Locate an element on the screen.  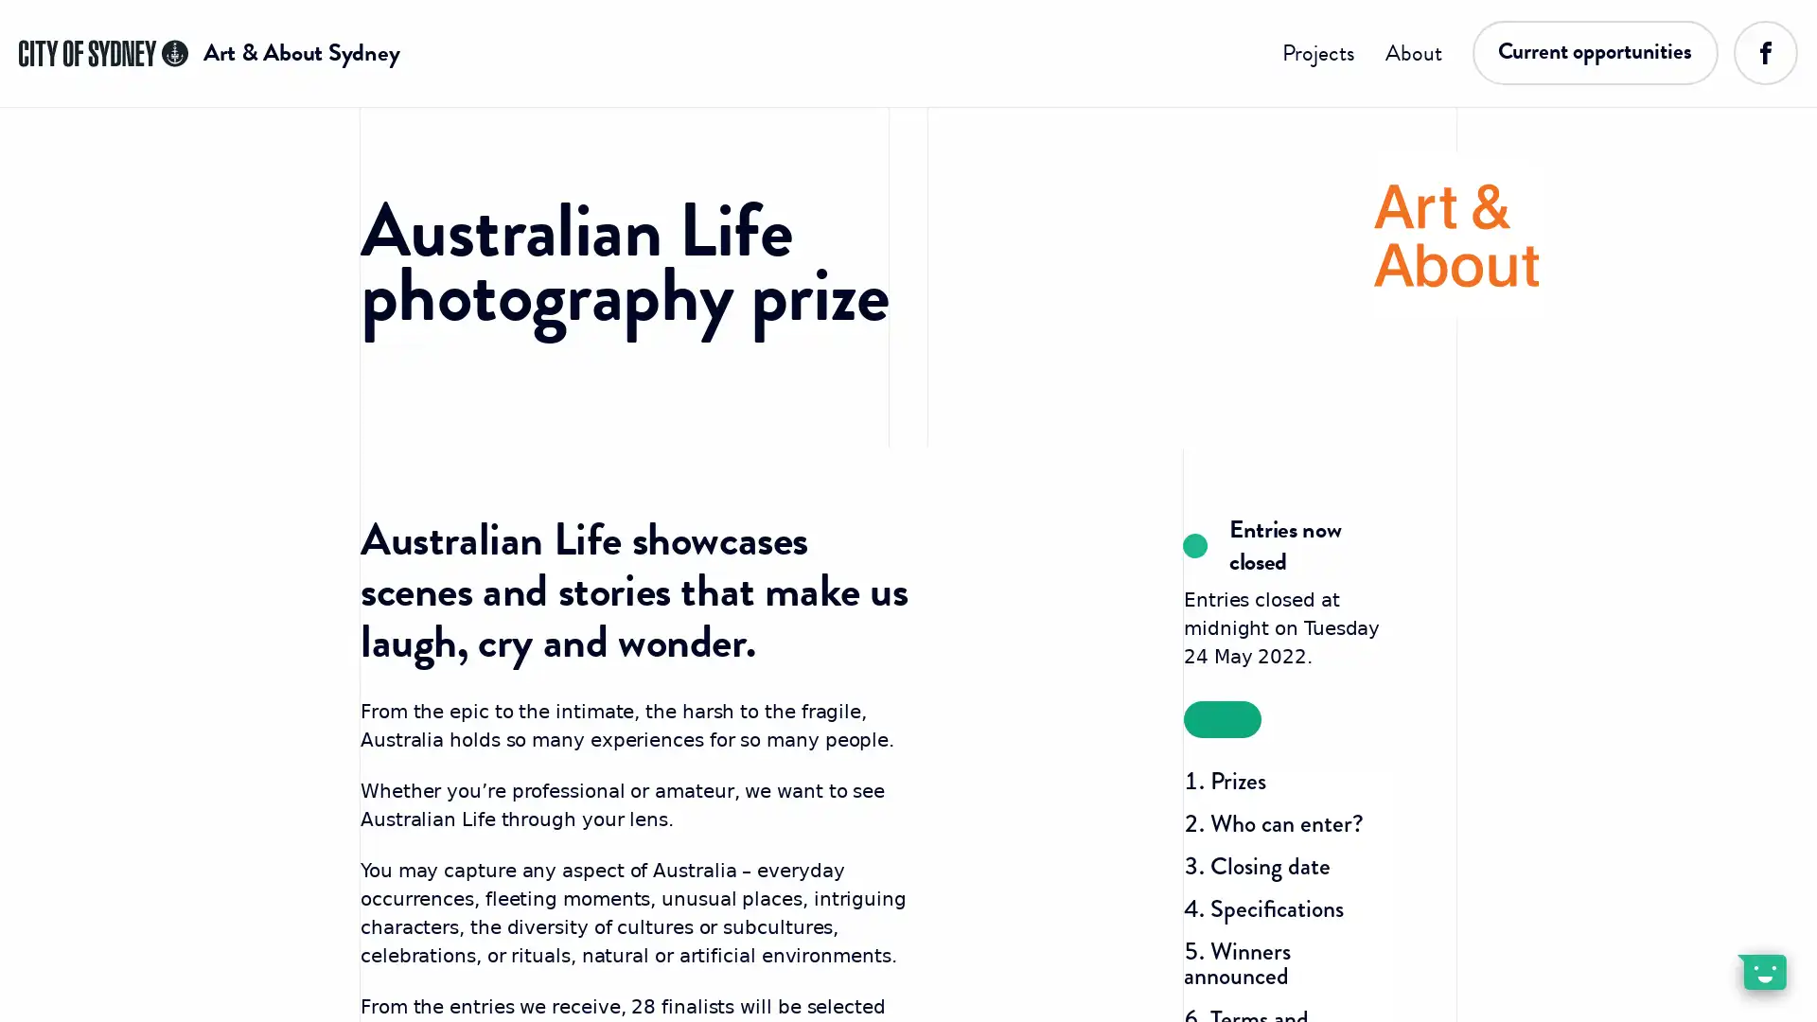
Dismiss Message is located at coordinates (1718, 949).